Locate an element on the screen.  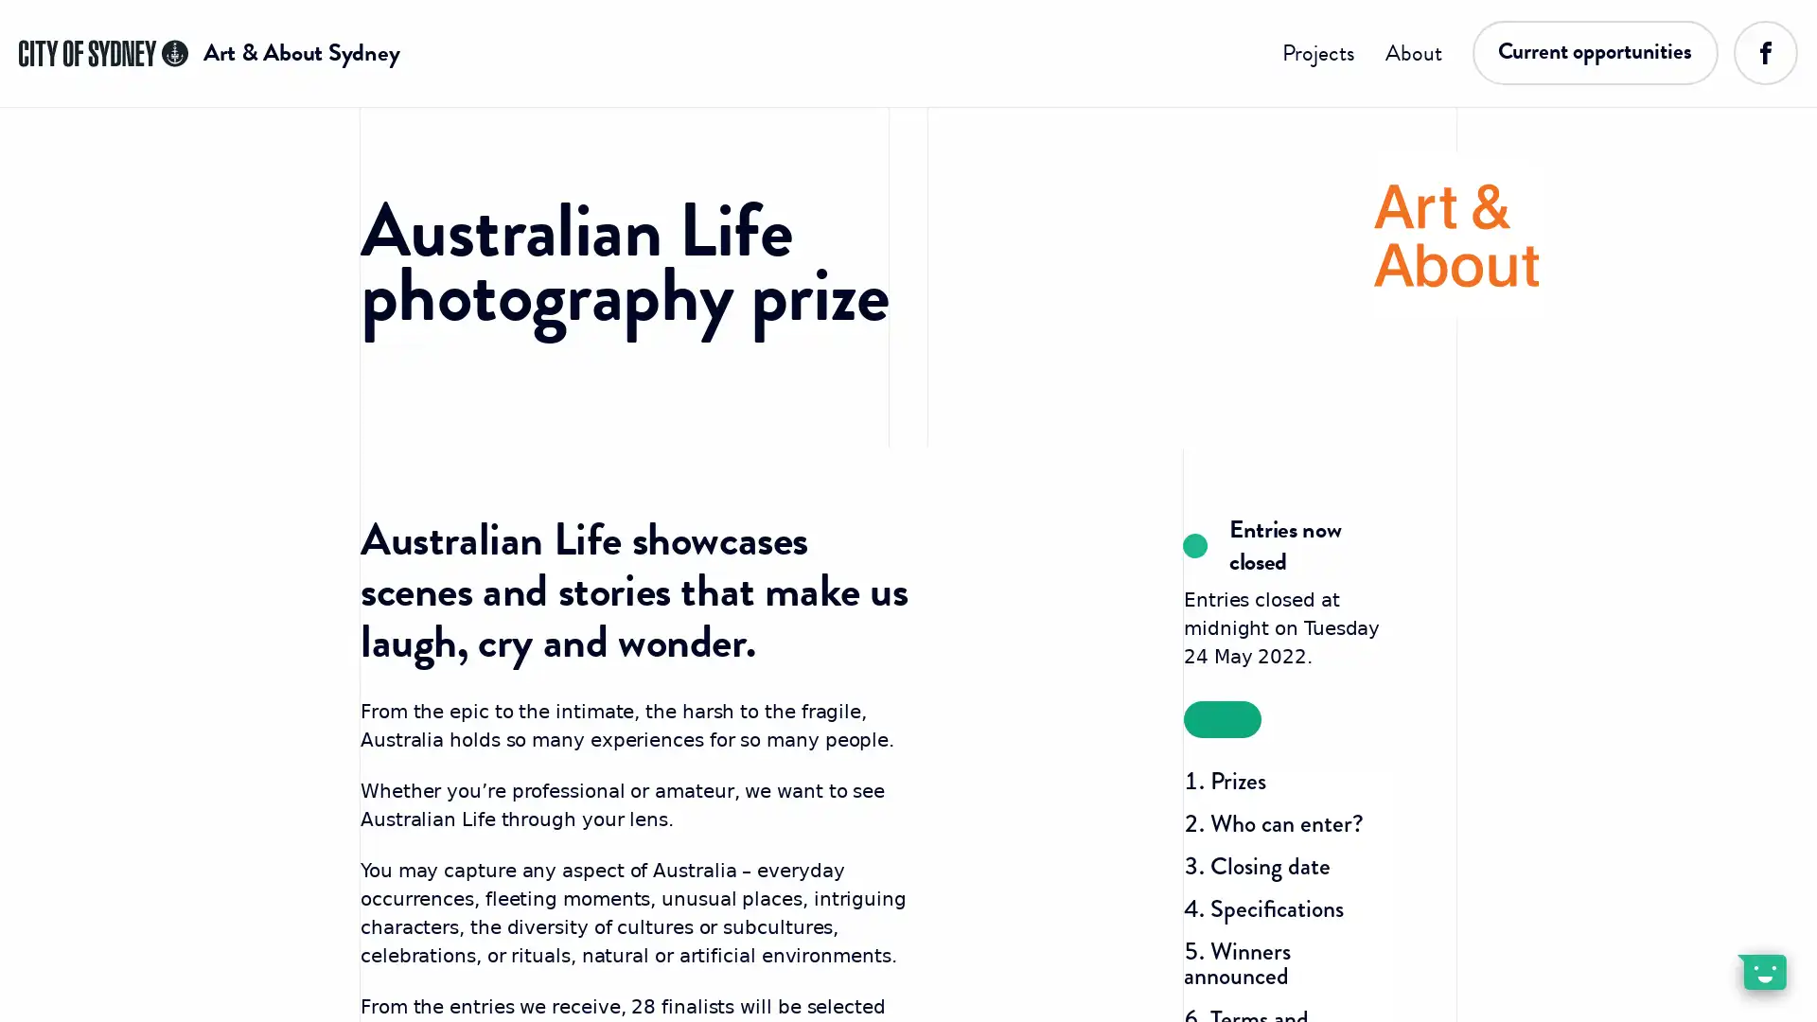
Dismiss Message is located at coordinates (1718, 949).